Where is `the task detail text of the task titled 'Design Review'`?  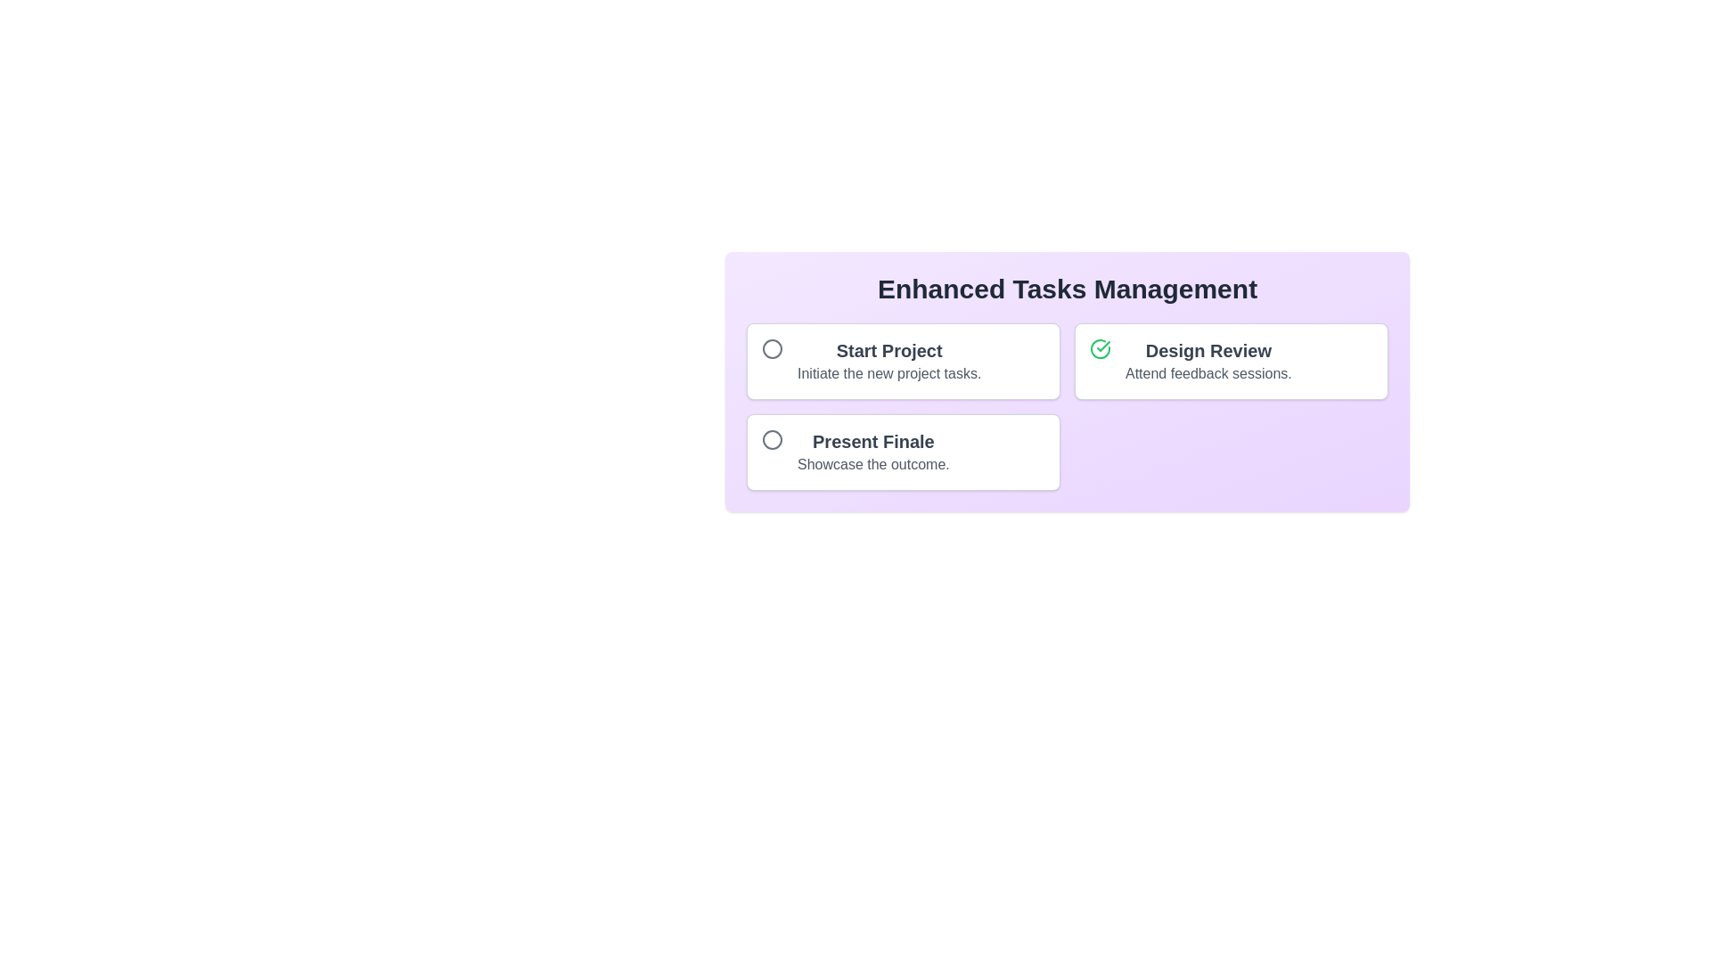
the task detail text of the task titled 'Design Review' is located at coordinates (1208, 373).